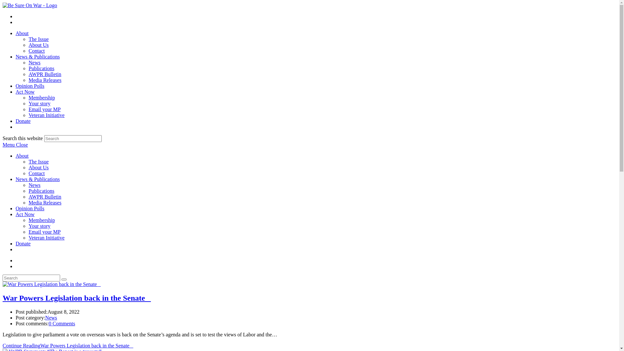 Image resolution: width=624 pixels, height=351 pixels. Describe the element at coordinates (44, 231) in the screenshot. I see `'Email your MP'` at that location.